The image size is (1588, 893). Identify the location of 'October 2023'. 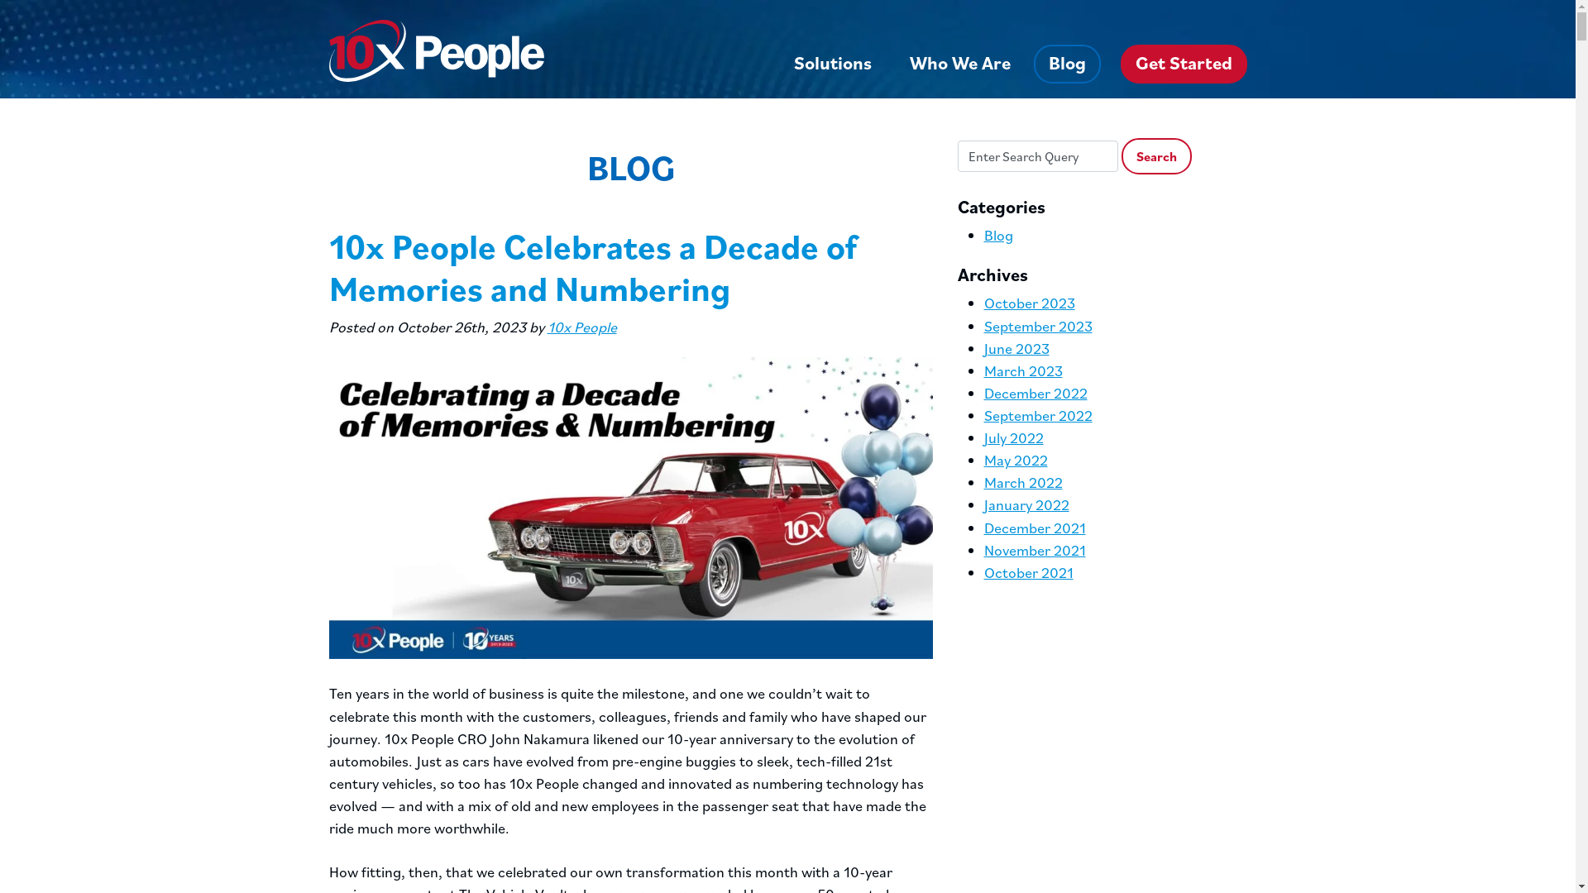
(1028, 303).